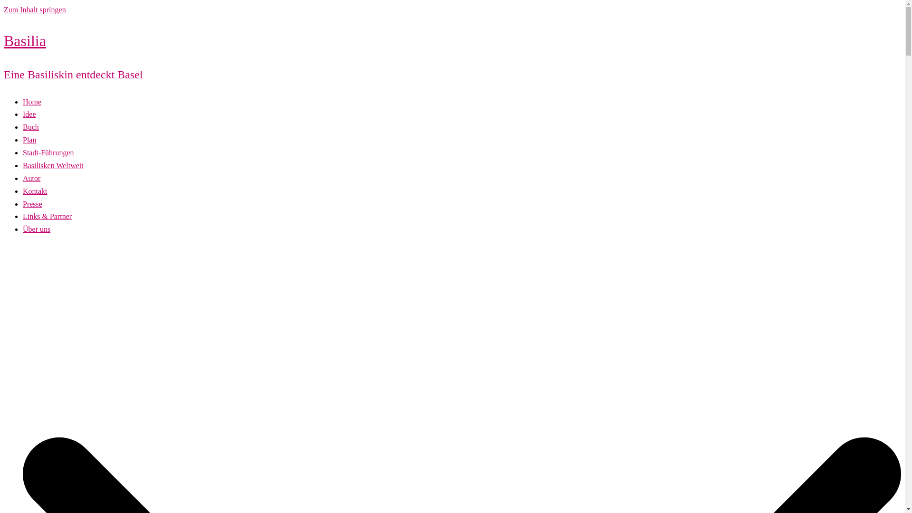 The height and width of the screenshot is (513, 912). I want to click on 'Plan', so click(29, 140).